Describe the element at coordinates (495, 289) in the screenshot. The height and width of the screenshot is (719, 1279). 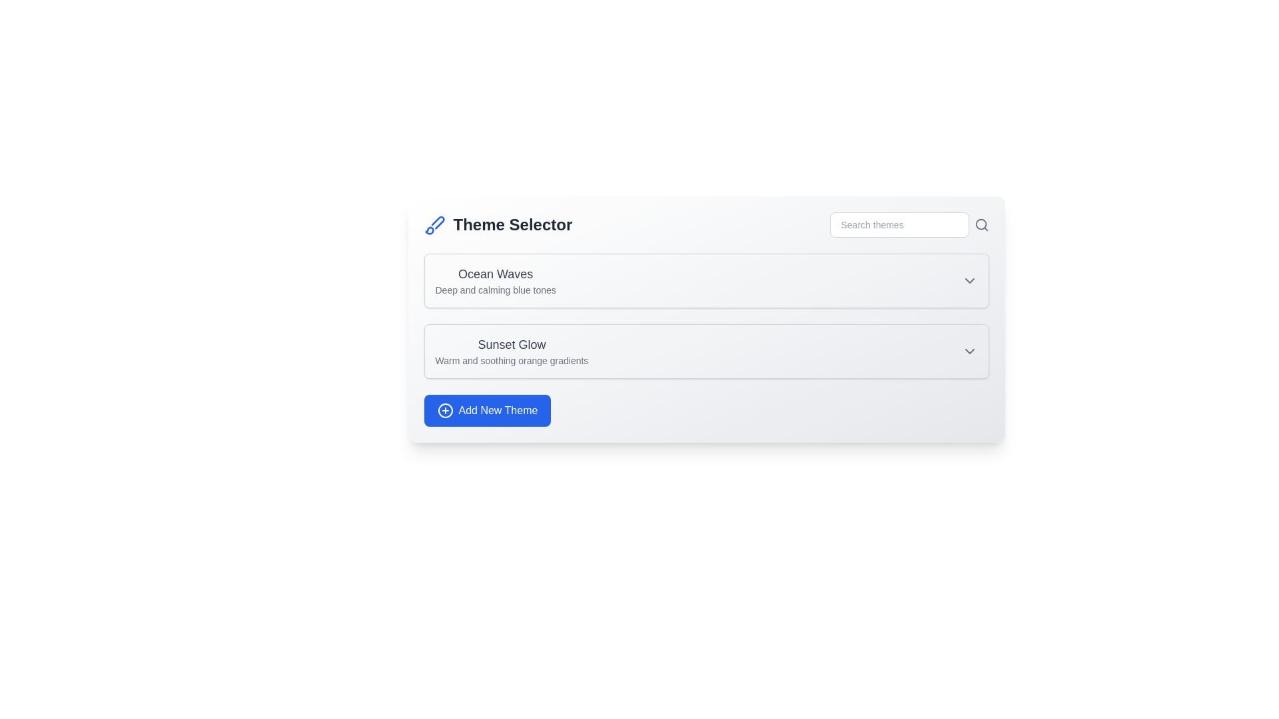
I see `the text label reading 'Deep and calming blue tones', which is styled in a smaller font and light gray color, located below the 'Ocean Waves' heading in the 'Theme Selector' interface` at that location.